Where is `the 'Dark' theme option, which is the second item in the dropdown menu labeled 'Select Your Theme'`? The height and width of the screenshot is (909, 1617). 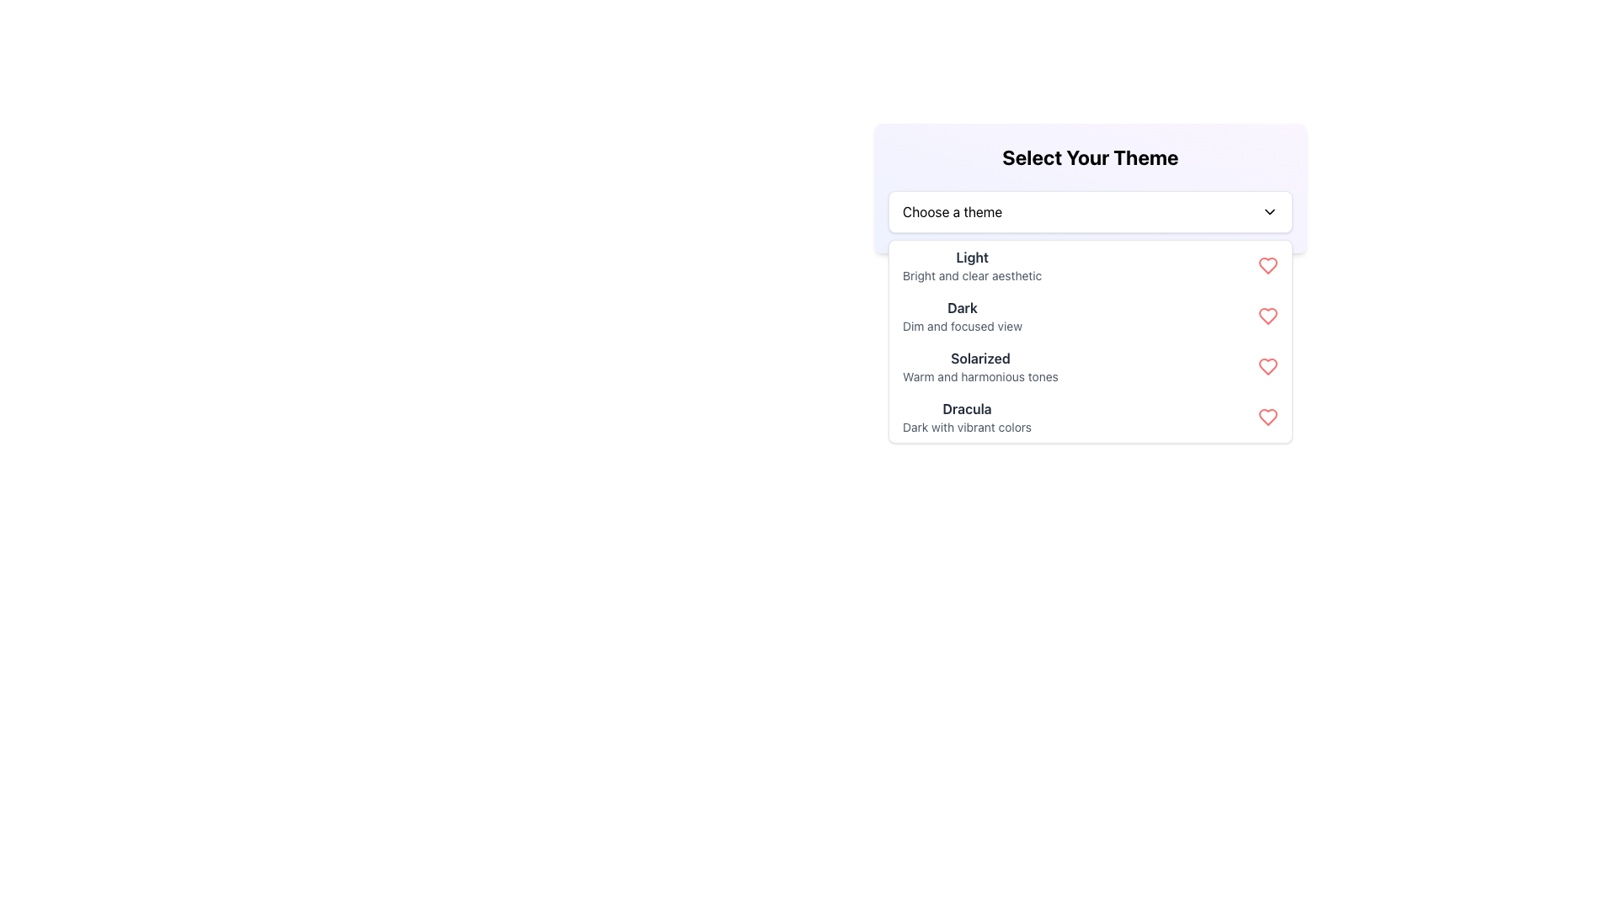
the 'Dark' theme option, which is the second item in the dropdown menu labeled 'Select Your Theme' is located at coordinates (1091, 316).